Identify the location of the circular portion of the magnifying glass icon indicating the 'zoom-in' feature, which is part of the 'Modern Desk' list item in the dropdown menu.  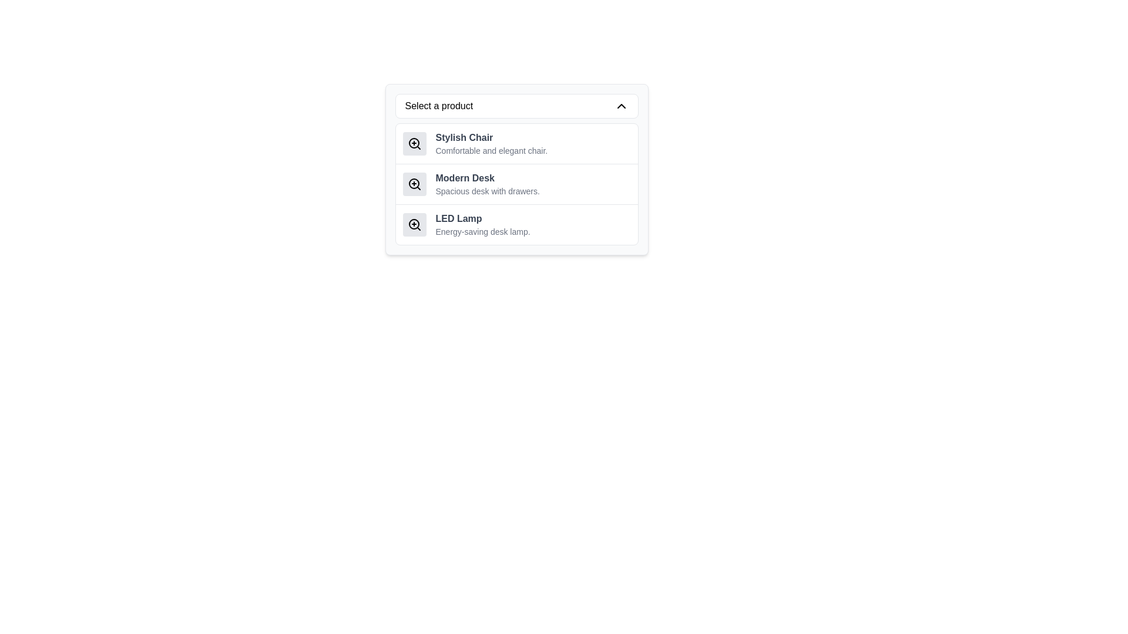
(414, 183).